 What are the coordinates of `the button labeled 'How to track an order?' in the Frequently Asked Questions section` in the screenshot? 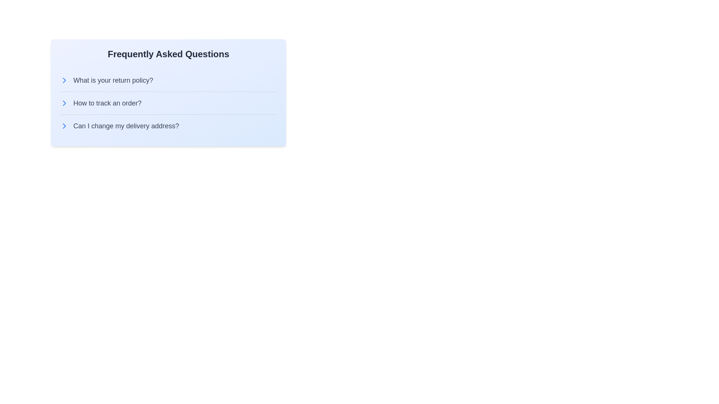 It's located at (168, 103).